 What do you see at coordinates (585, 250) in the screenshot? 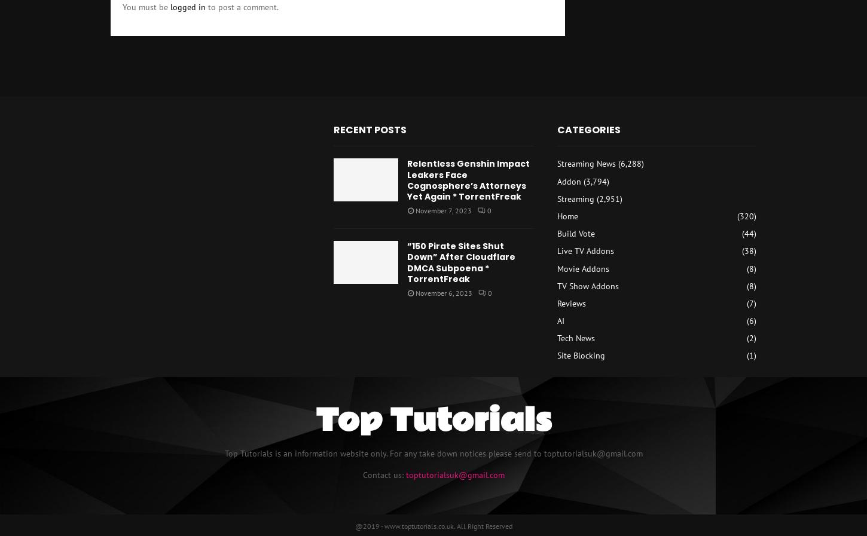
I see `'Live TV Addons'` at bounding box center [585, 250].